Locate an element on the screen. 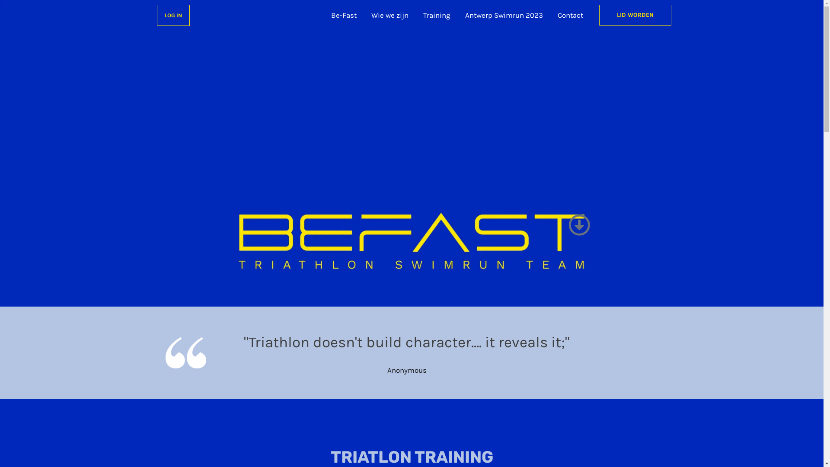  'Wie we zijn' is located at coordinates (389, 15).